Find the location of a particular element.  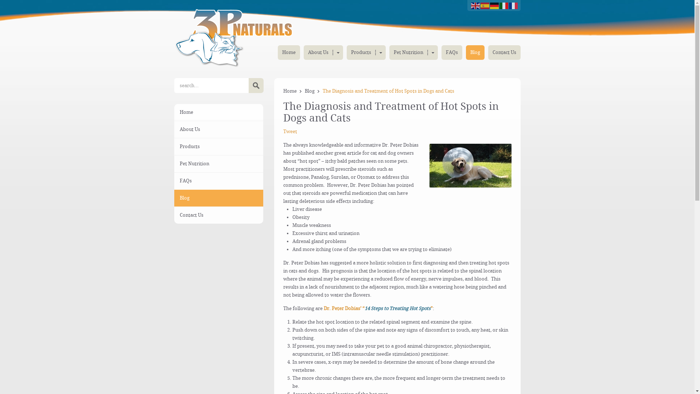

'Deutsch' is located at coordinates (495, 5).